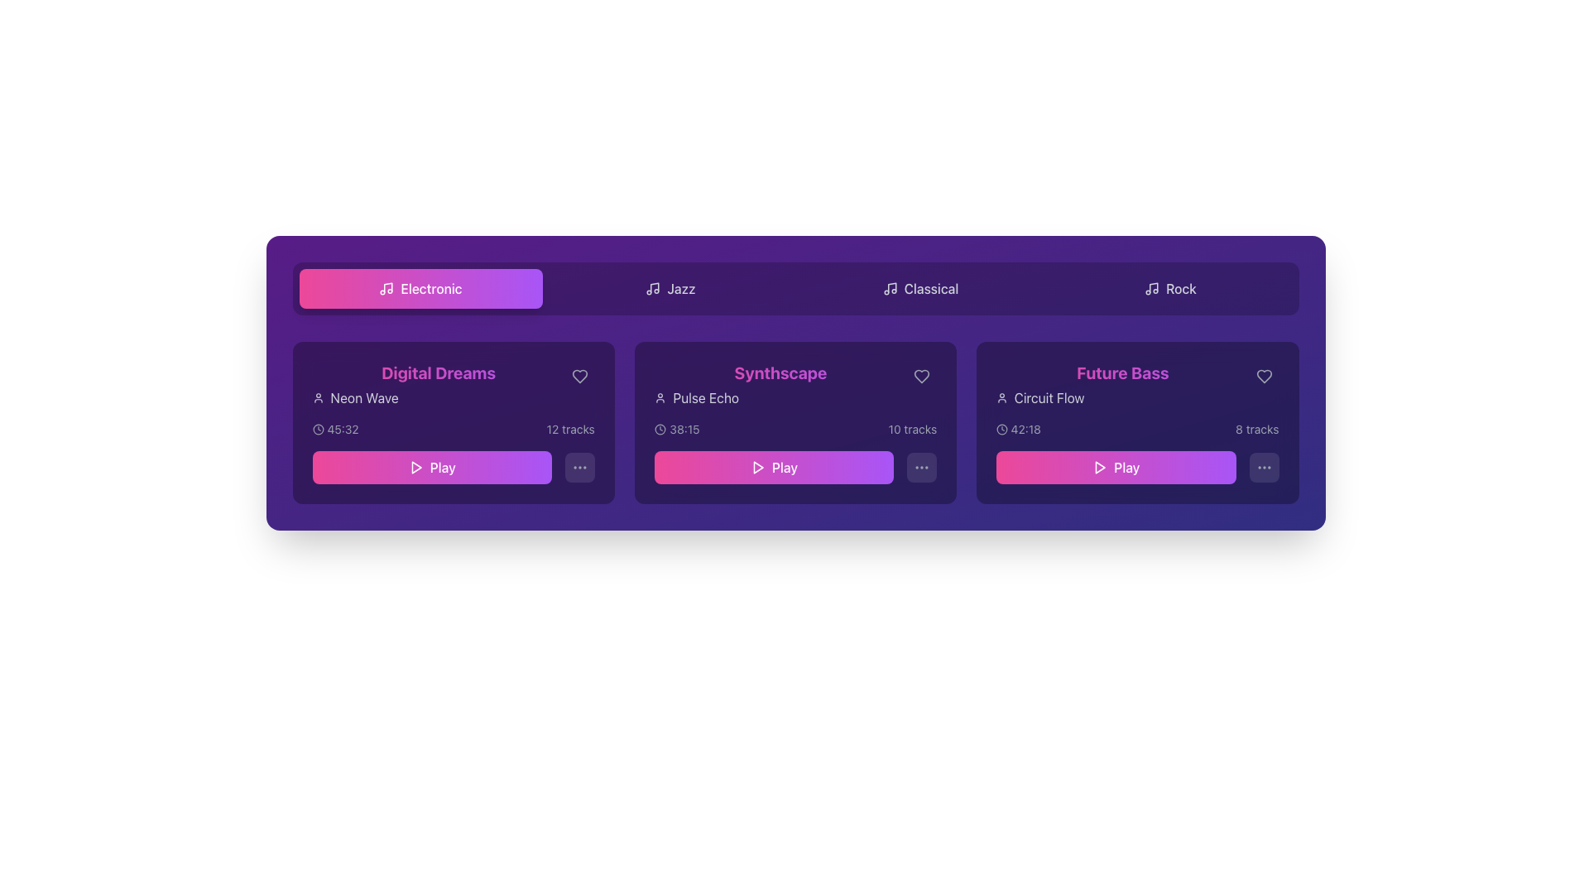 Image resolution: width=1589 pixels, height=894 pixels. I want to click on the 'Electronic' music category icon, which is an SVG-based graphic located in the top horizontal navigation bar, to the left of the 'Electronic' label, so click(386, 287).